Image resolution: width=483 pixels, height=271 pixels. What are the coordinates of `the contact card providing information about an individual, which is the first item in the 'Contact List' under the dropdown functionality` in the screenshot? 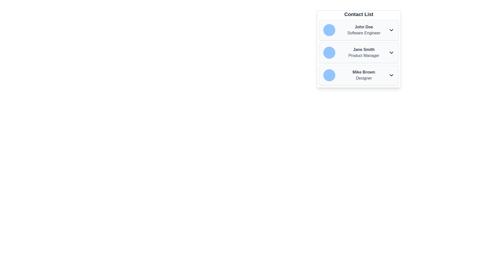 It's located at (358, 30).